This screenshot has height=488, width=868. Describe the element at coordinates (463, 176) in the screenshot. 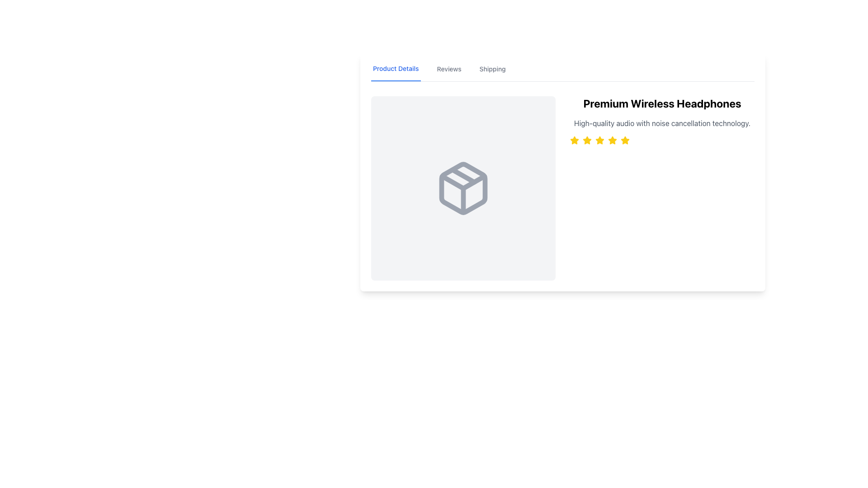

I see `the diagonal gray line within the decorative graphic element of the cube-like icon, which is centrally positioned in the icon` at that location.